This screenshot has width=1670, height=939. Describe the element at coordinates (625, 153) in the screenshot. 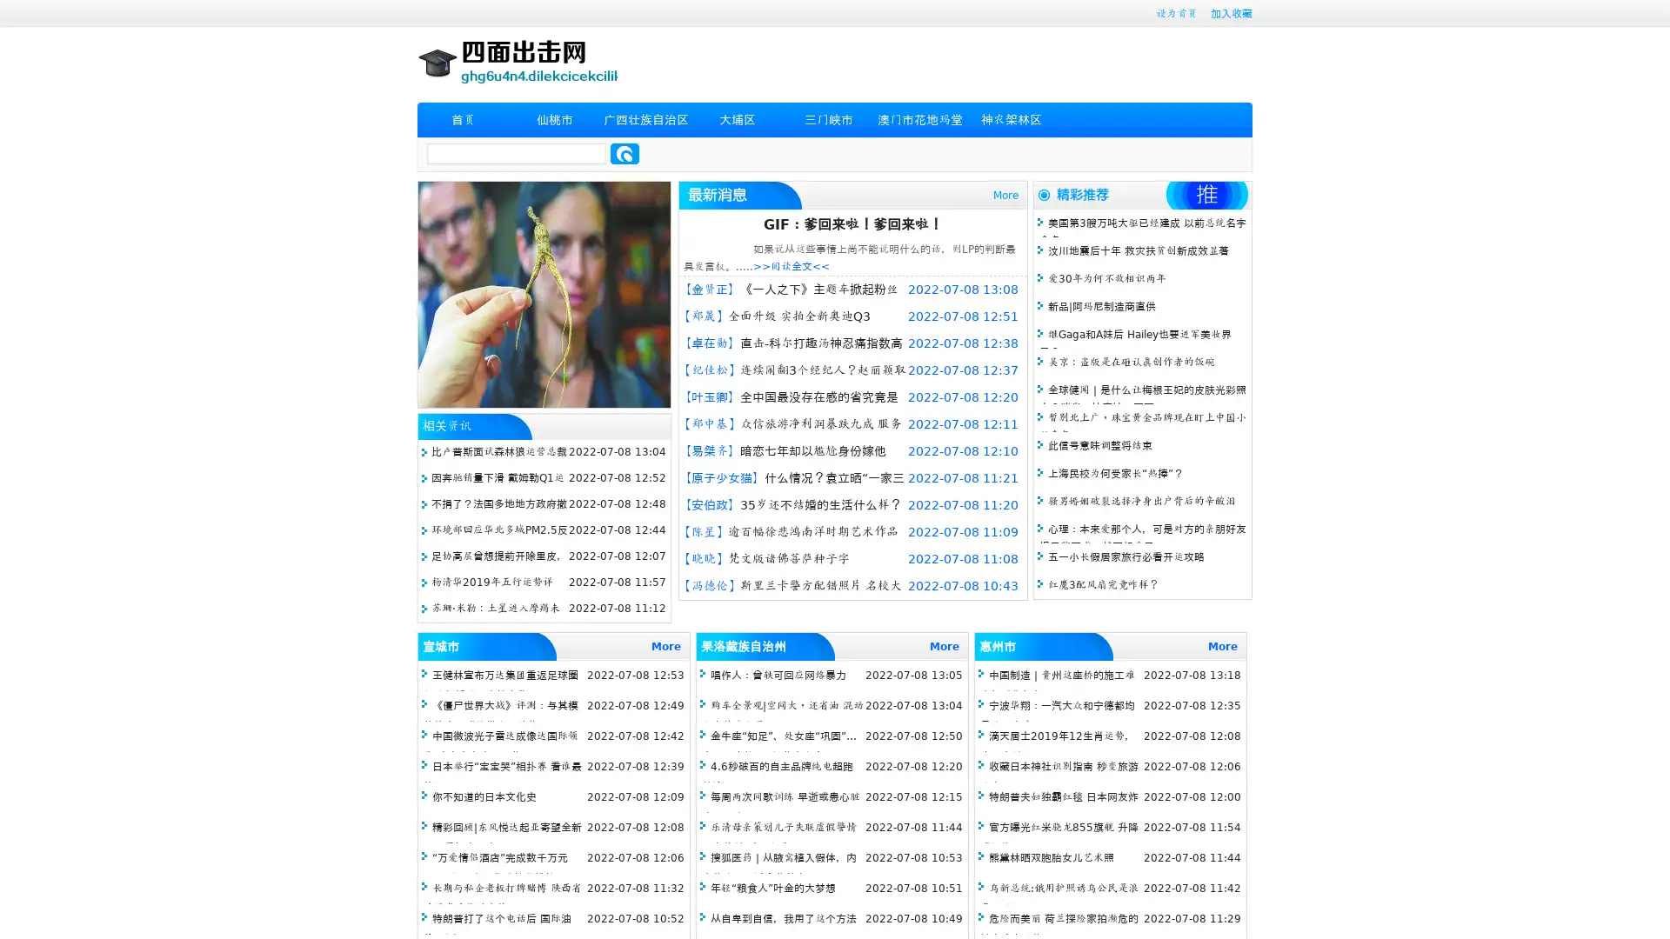

I see `Search` at that location.